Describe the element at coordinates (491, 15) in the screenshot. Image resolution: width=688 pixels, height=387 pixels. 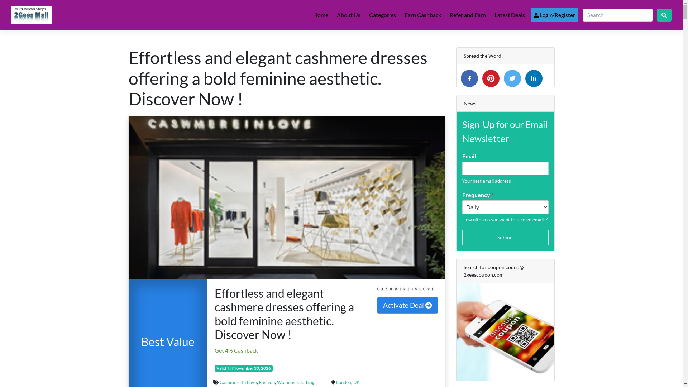
I see `'Latest Deals'` at that location.